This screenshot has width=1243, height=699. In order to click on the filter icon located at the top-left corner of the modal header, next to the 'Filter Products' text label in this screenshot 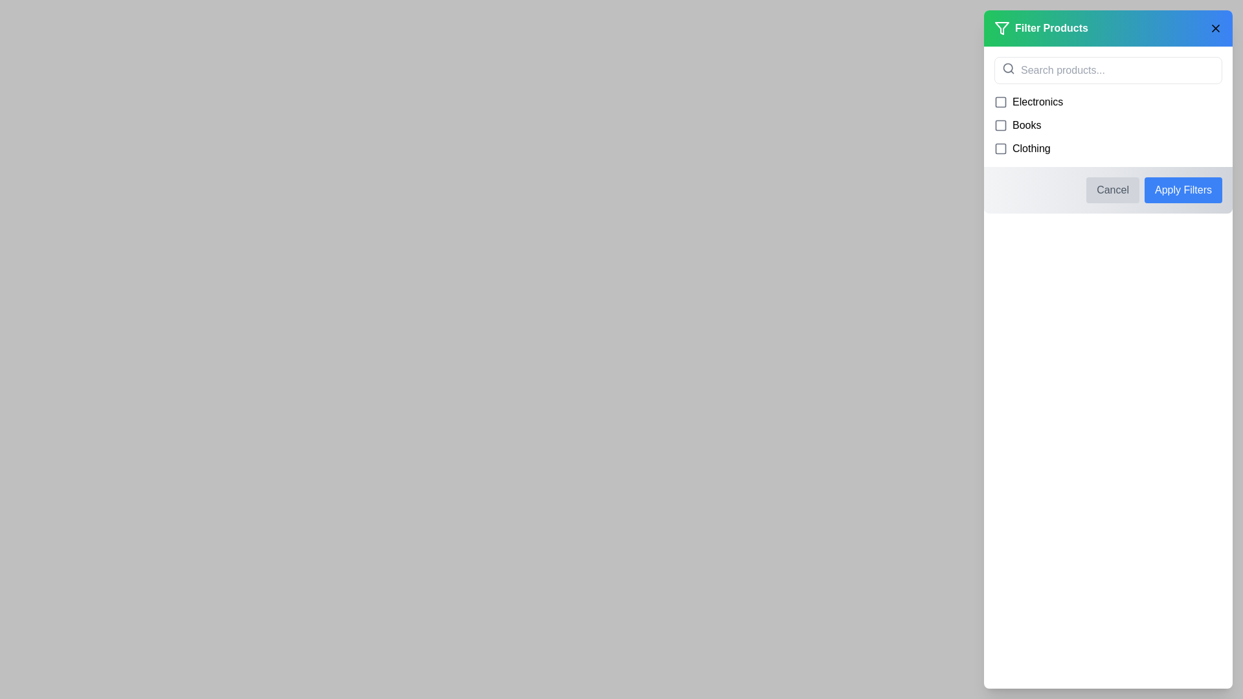, I will do `click(1002, 28)`.